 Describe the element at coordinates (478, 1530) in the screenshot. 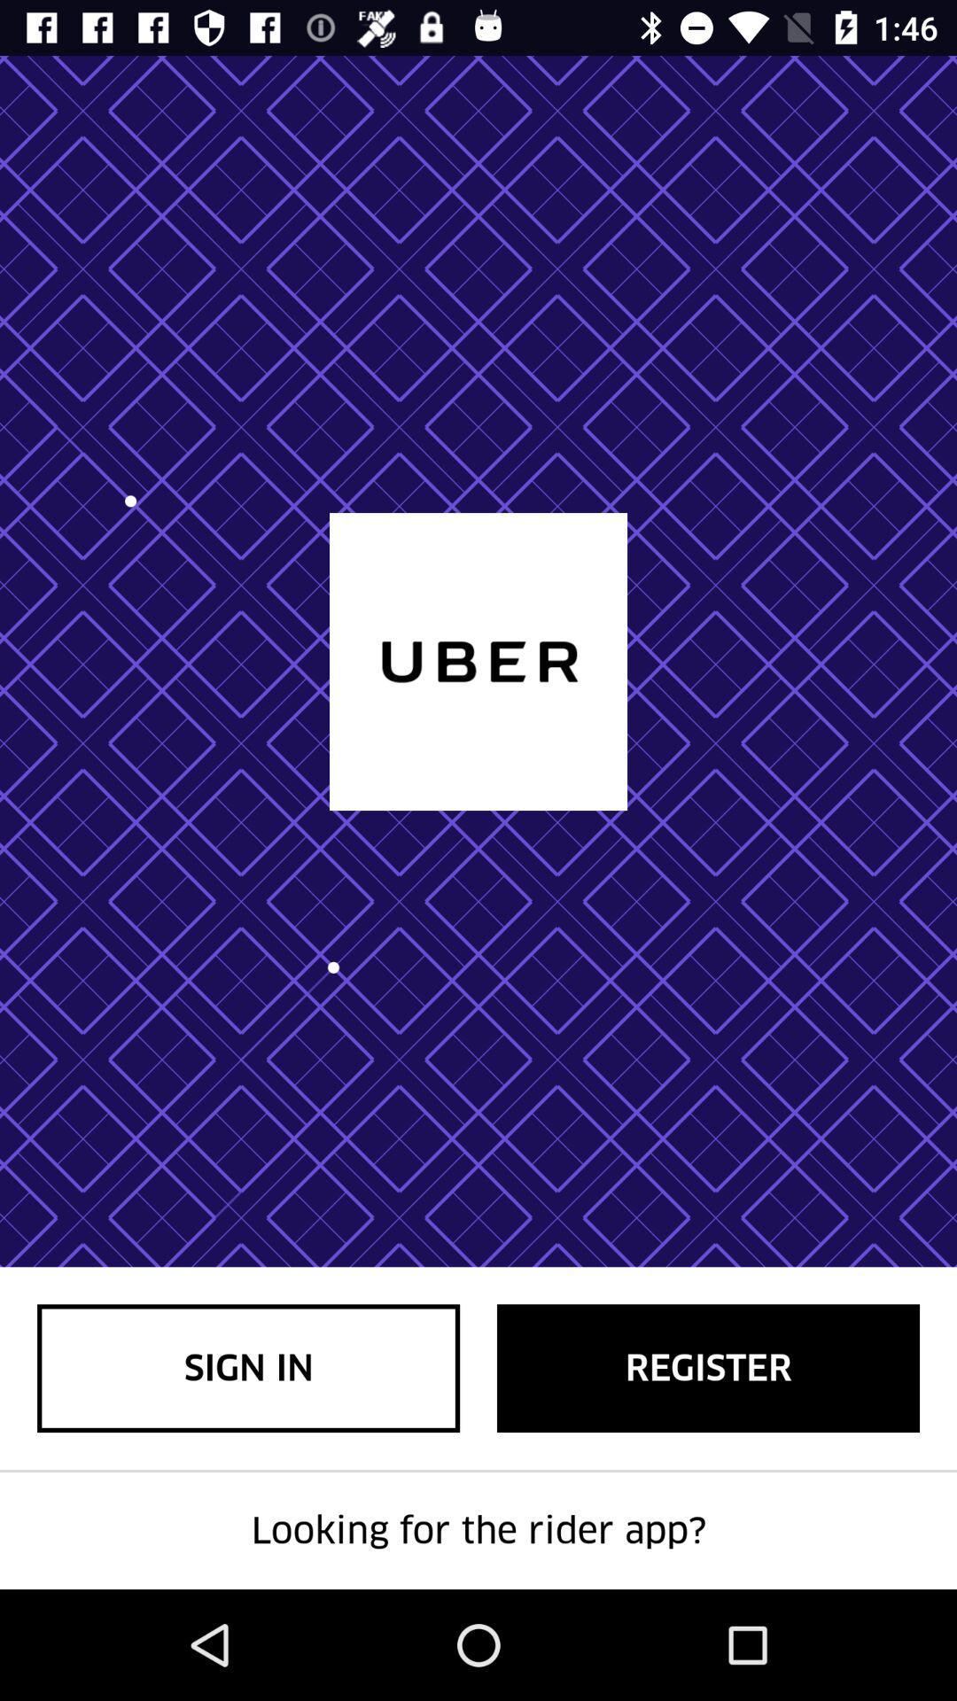

I see `looking for the item` at that location.